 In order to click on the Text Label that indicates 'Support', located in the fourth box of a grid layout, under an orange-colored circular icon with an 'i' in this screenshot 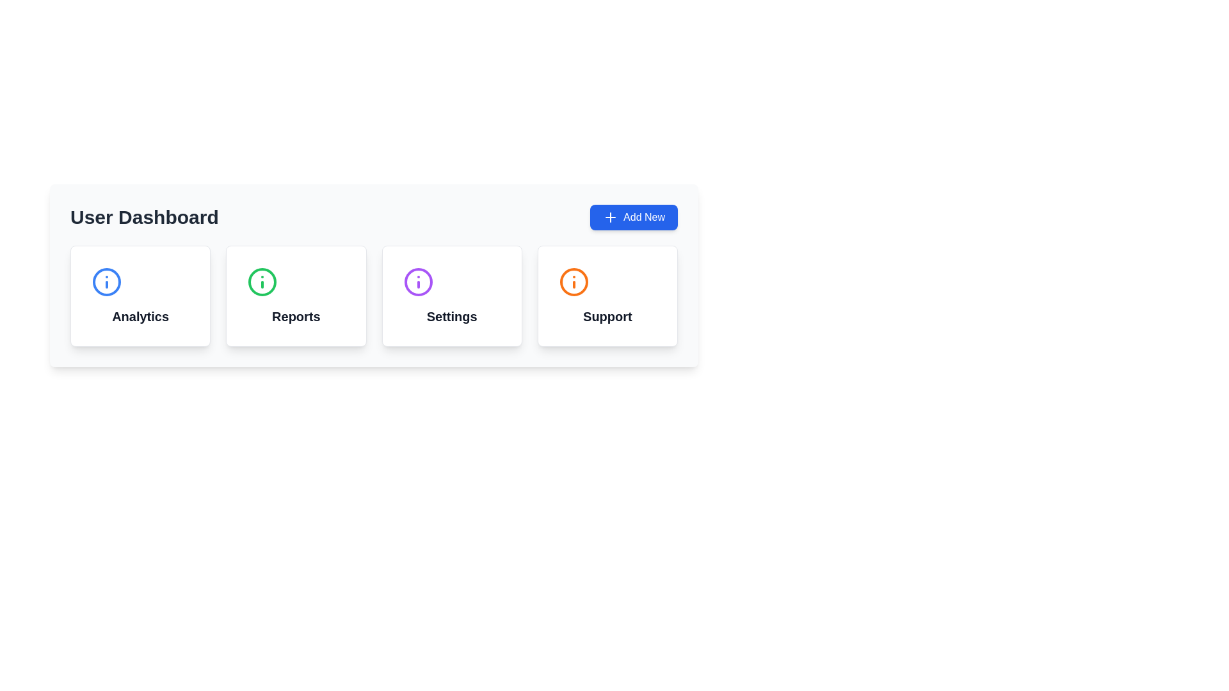, I will do `click(607, 316)`.